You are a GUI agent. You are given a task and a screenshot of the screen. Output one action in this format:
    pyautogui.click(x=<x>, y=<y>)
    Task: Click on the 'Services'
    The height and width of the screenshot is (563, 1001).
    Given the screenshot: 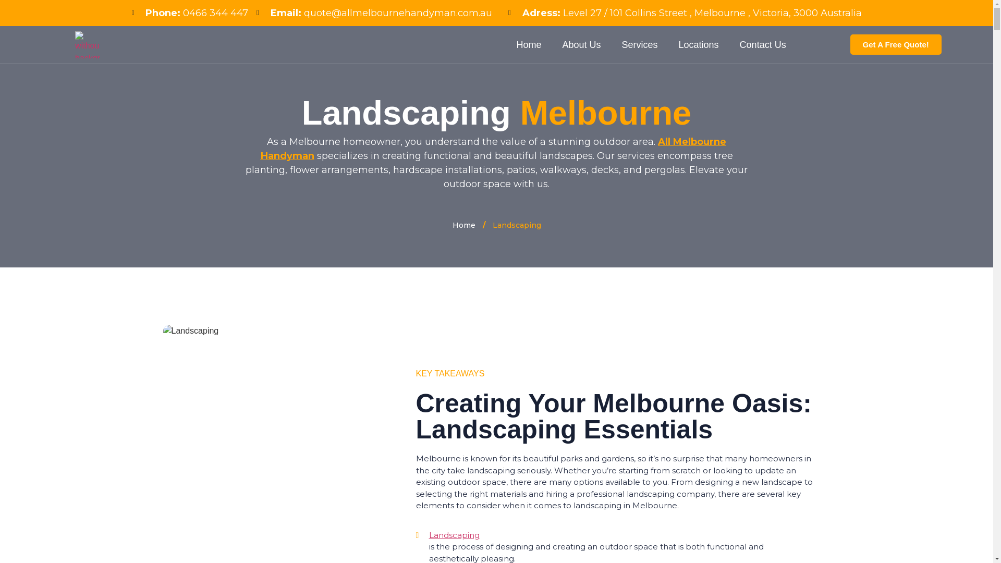 What is the action you would take?
    pyautogui.click(x=639, y=44)
    